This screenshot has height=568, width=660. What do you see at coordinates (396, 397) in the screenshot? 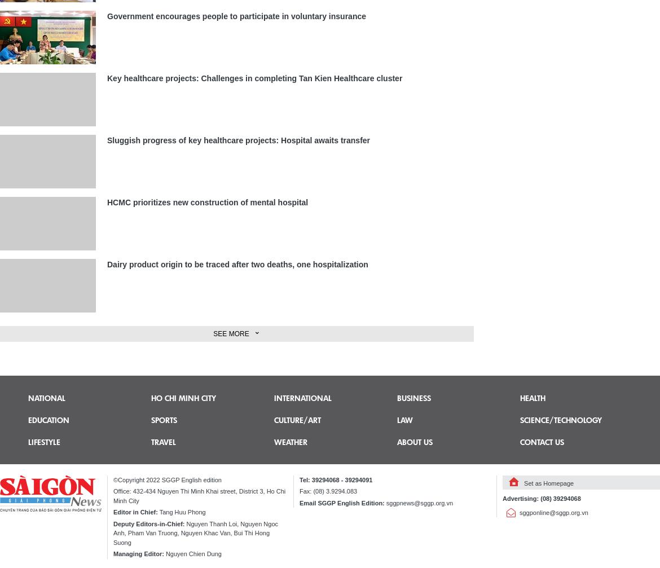
I see `'Business'` at bounding box center [396, 397].